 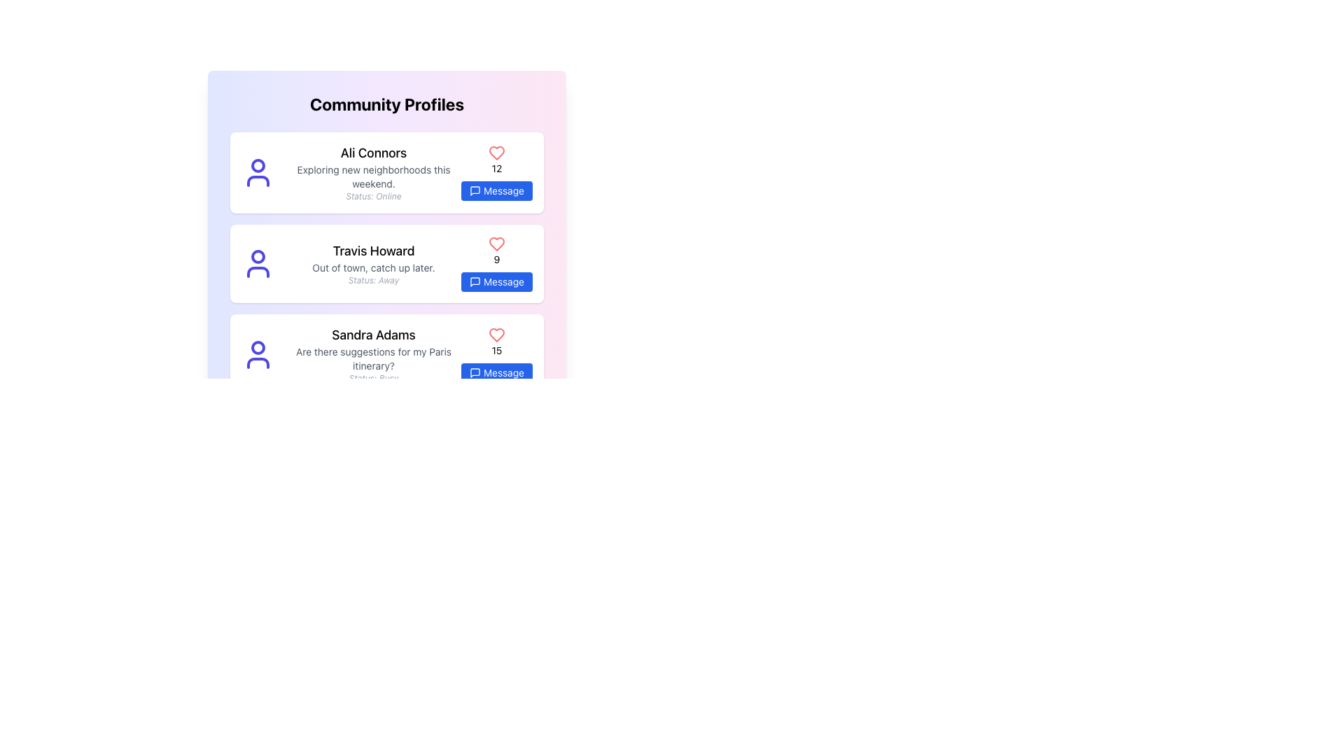 I want to click on message 'Out of town, catch up later.' displayed in a small gray font under the name 'Travis Howard', so click(x=373, y=267).